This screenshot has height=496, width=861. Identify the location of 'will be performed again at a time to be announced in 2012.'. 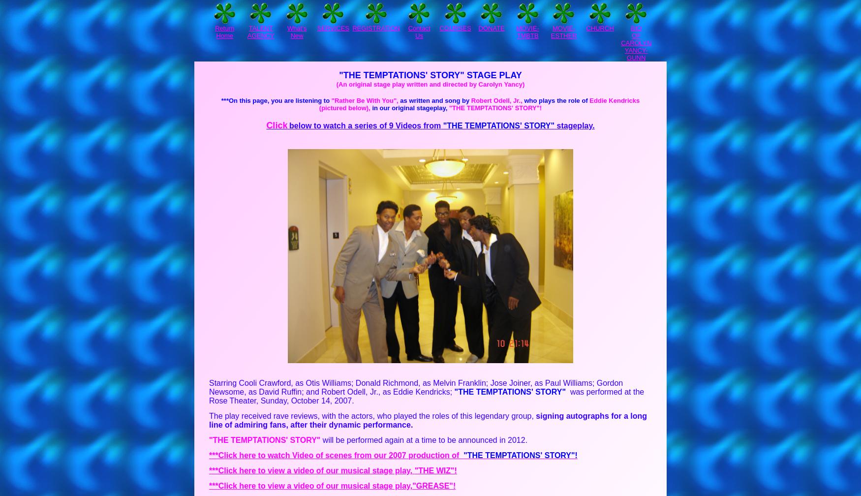
(424, 440).